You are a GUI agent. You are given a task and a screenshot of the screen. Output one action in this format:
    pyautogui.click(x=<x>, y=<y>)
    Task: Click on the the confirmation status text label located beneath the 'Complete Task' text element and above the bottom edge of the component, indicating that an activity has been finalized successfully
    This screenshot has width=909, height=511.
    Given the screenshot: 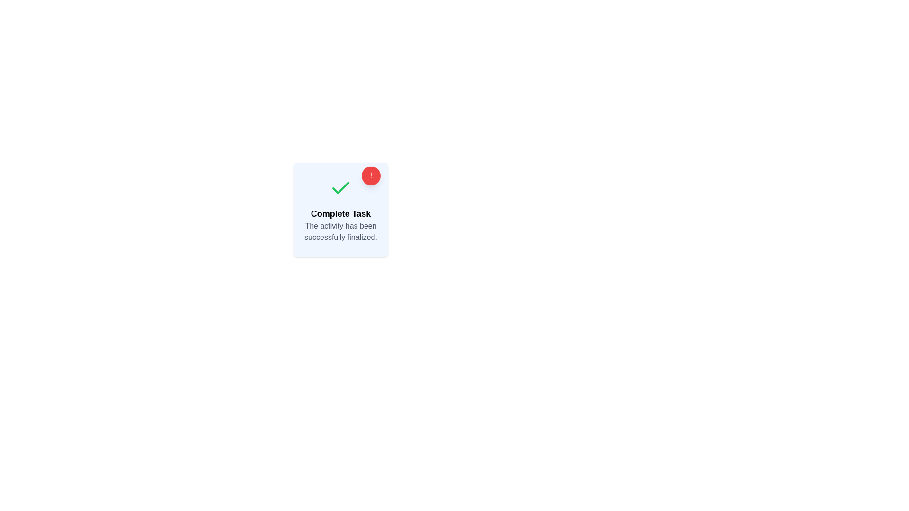 What is the action you would take?
    pyautogui.click(x=341, y=231)
    